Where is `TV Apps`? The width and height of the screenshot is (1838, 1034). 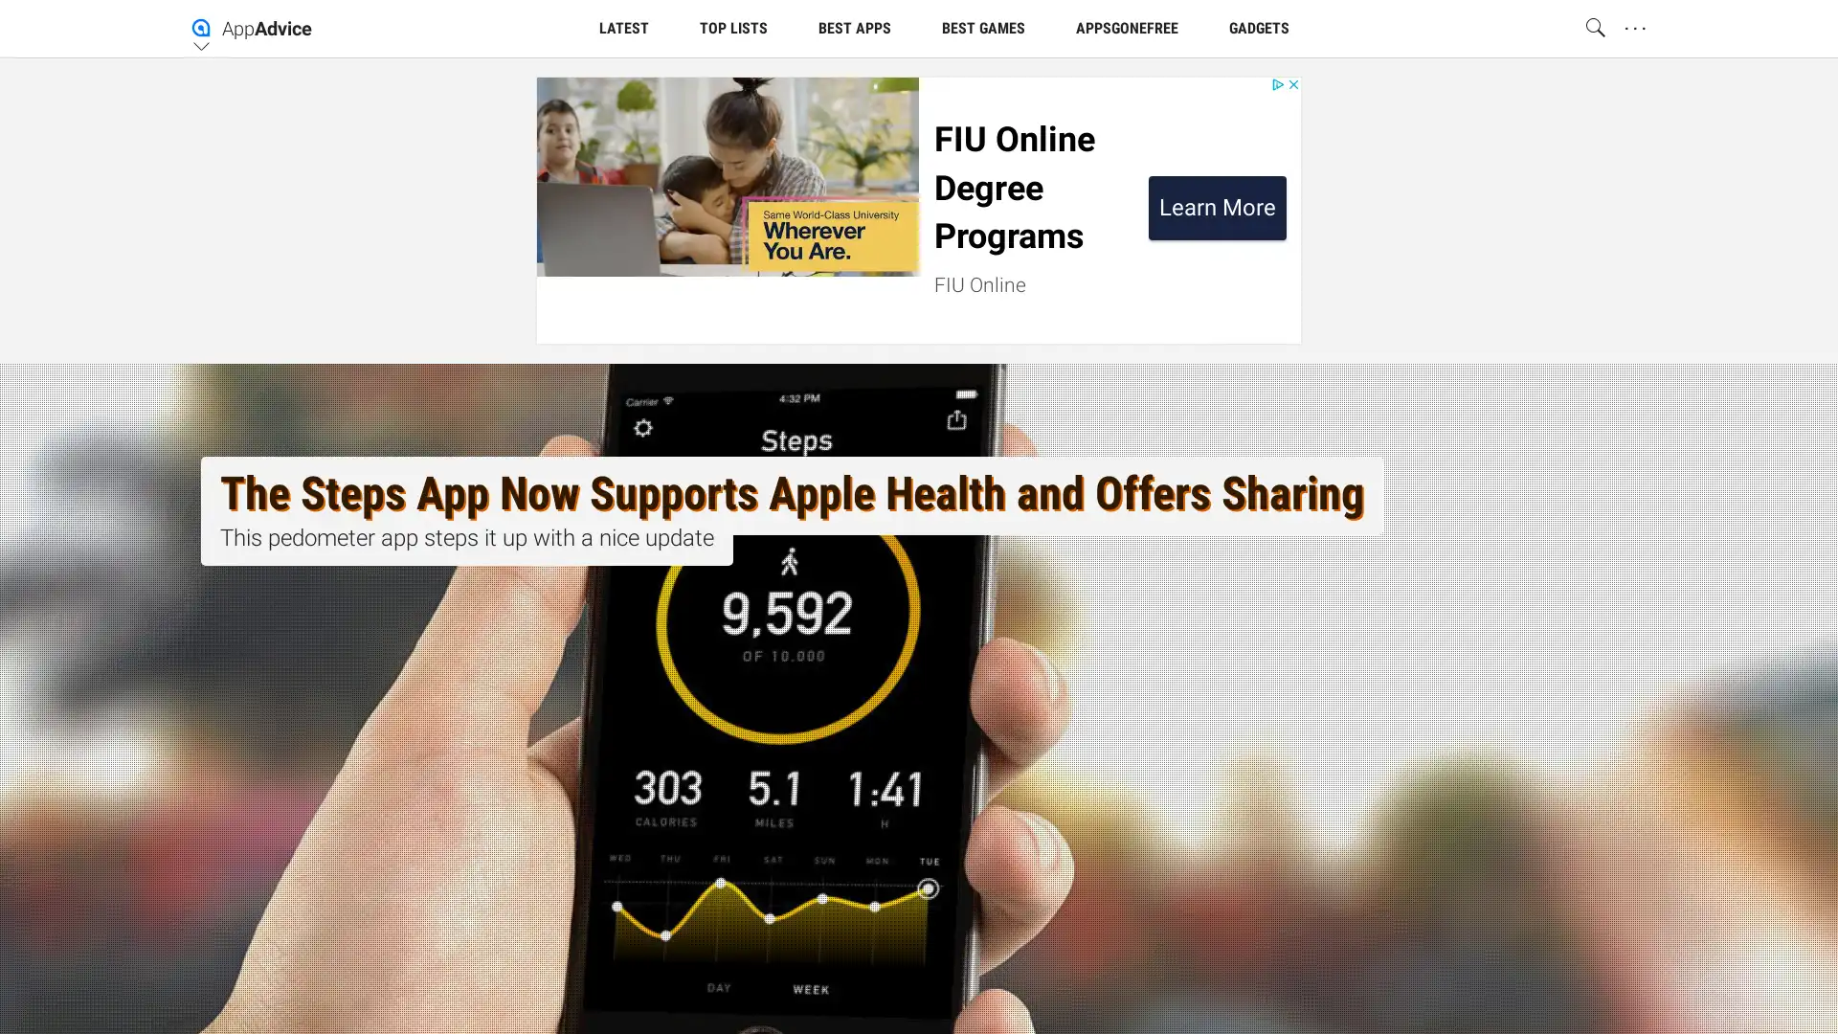 TV Apps is located at coordinates (1192, 180).